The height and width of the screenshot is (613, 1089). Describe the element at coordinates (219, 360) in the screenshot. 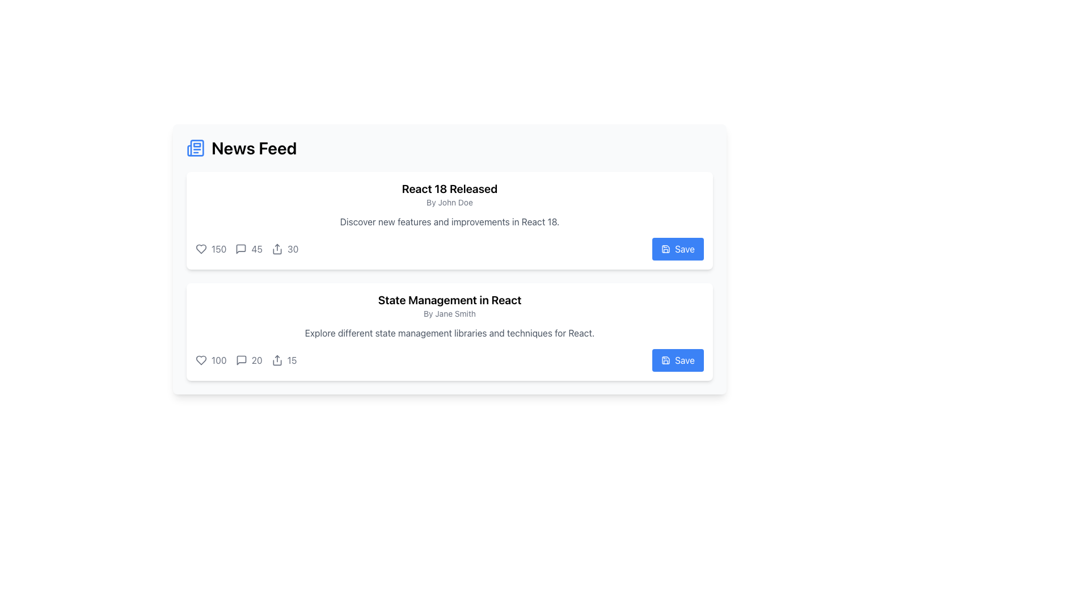

I see `the textual component displaying the number '100', which is styled in a compact font and located at the bottom-left of the second content card, adjacent to a heart icon` at that location.